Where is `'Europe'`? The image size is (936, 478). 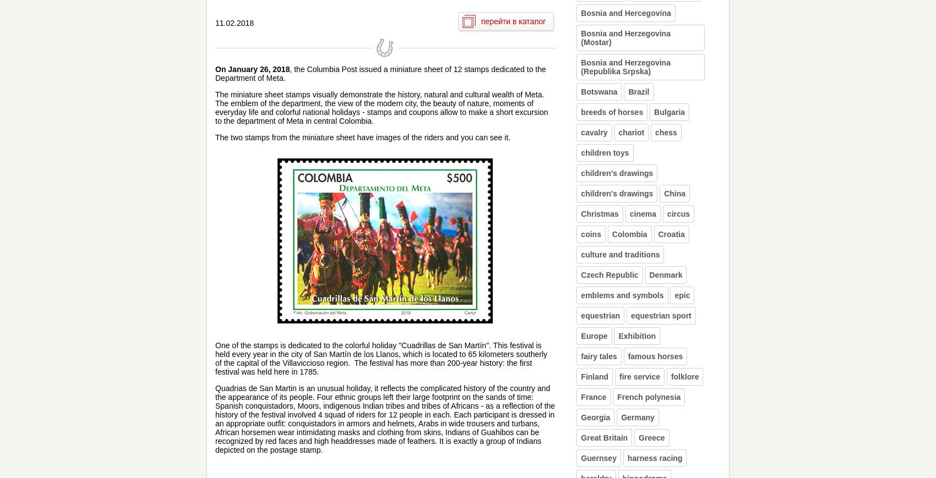 'Europe' is located at coordinates (580, 336).